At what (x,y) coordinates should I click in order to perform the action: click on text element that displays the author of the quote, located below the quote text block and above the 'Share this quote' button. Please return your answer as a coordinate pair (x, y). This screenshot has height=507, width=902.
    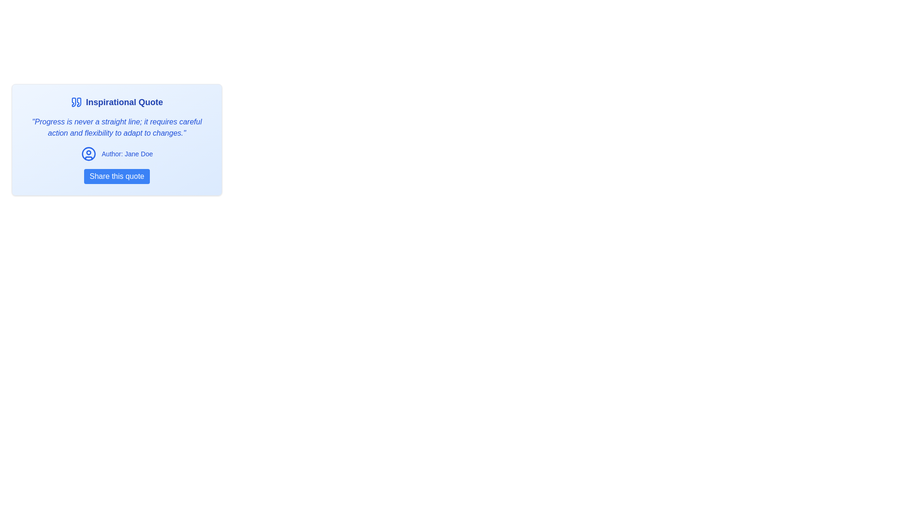
    Looking at the image, I should click on (117, 153).